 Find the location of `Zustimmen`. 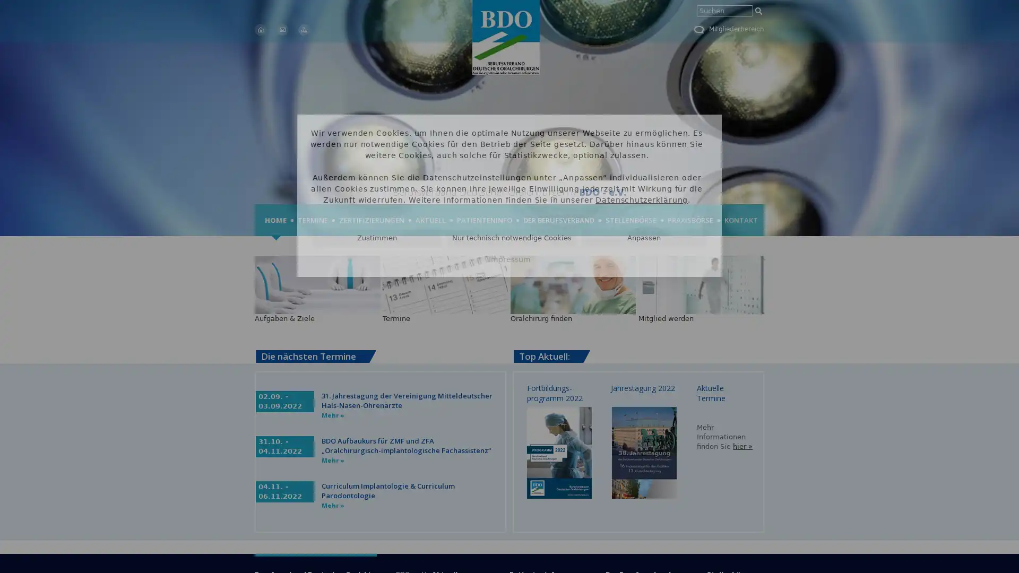

Zustimmen is located at coordinates (377, 237).